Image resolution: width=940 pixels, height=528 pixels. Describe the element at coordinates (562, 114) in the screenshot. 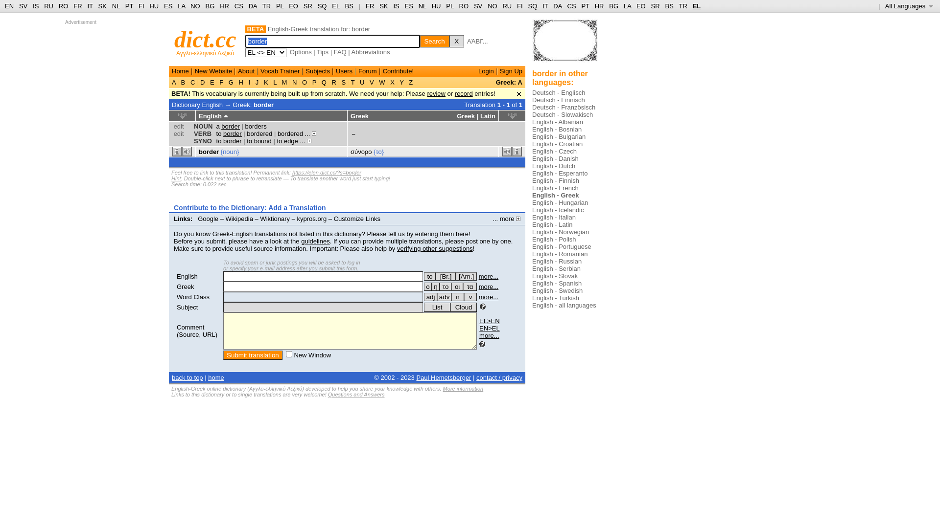

I see `'Deutsch - Slowakisch'` at that location.